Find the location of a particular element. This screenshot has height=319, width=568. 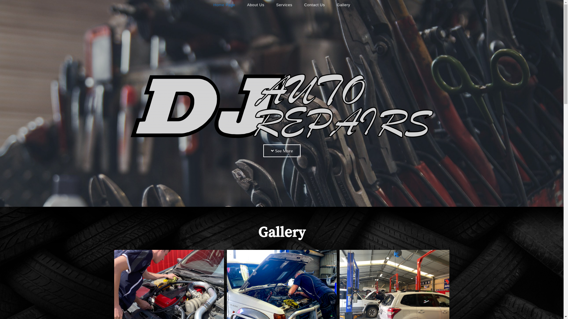

'See More' is located at coordinates (282, 150).